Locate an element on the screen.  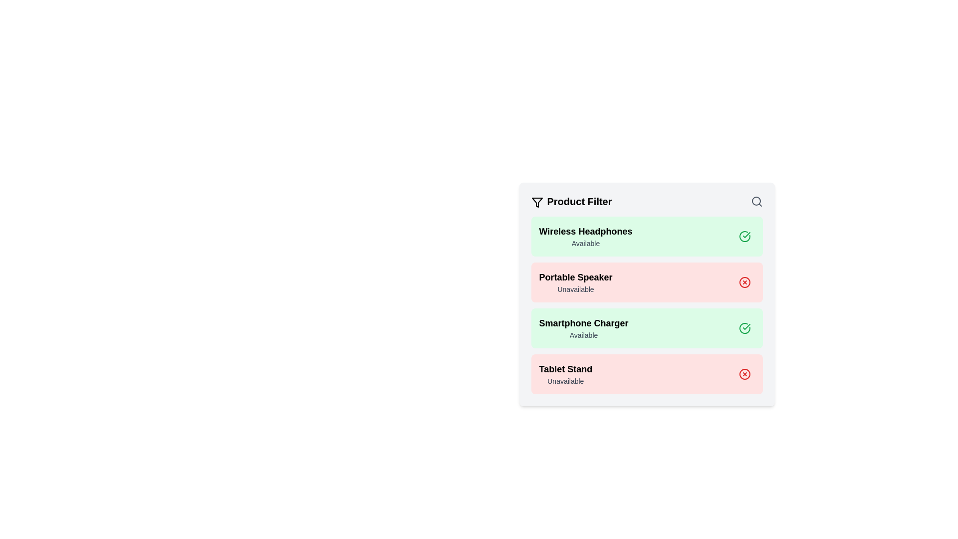
the circular green Decorative icon with a checkmark, located on the right side of the 'Smartphone Charger' row under the 'Product Filter' header is located at coordinates (744, 328).